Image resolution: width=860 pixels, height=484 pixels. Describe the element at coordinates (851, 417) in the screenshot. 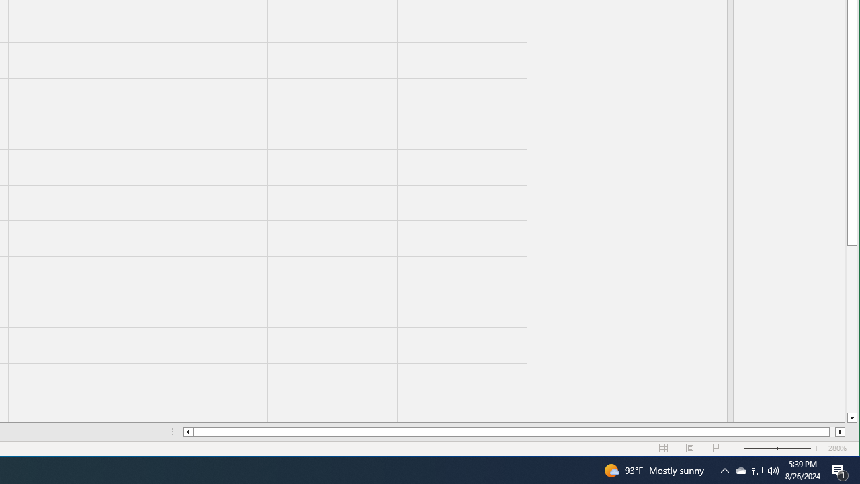

I see `'Column right'` at that location.